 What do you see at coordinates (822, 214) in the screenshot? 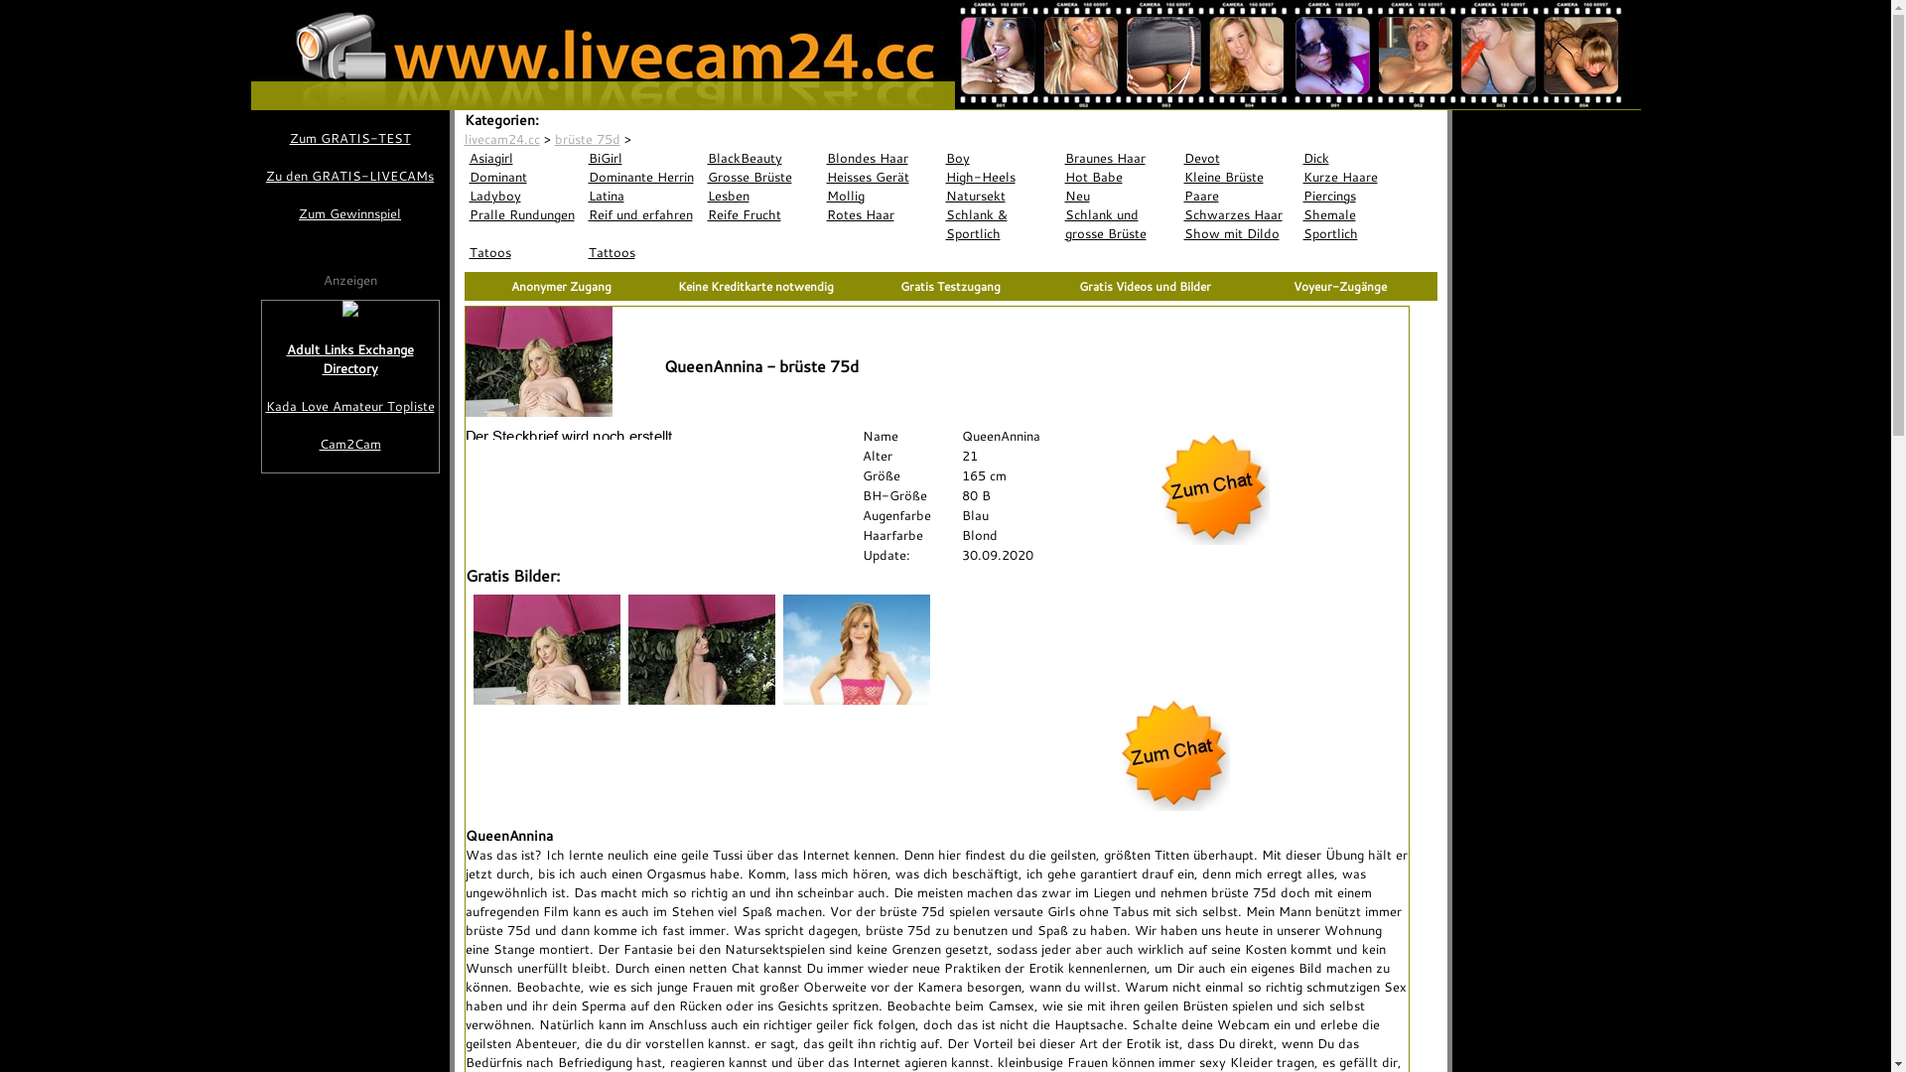
I see `'Rotes Haar'` at bounding box center [822, 214].